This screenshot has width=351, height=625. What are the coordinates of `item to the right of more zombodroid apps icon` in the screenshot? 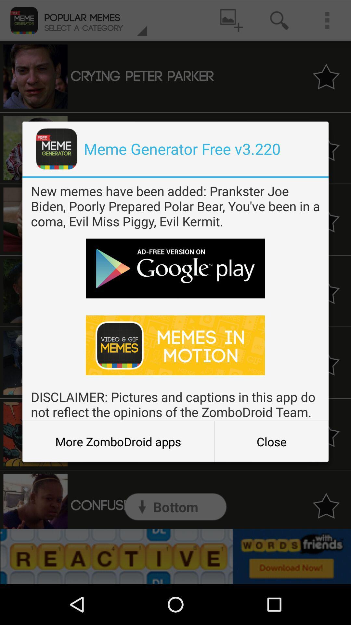 It's located at (271, 441).